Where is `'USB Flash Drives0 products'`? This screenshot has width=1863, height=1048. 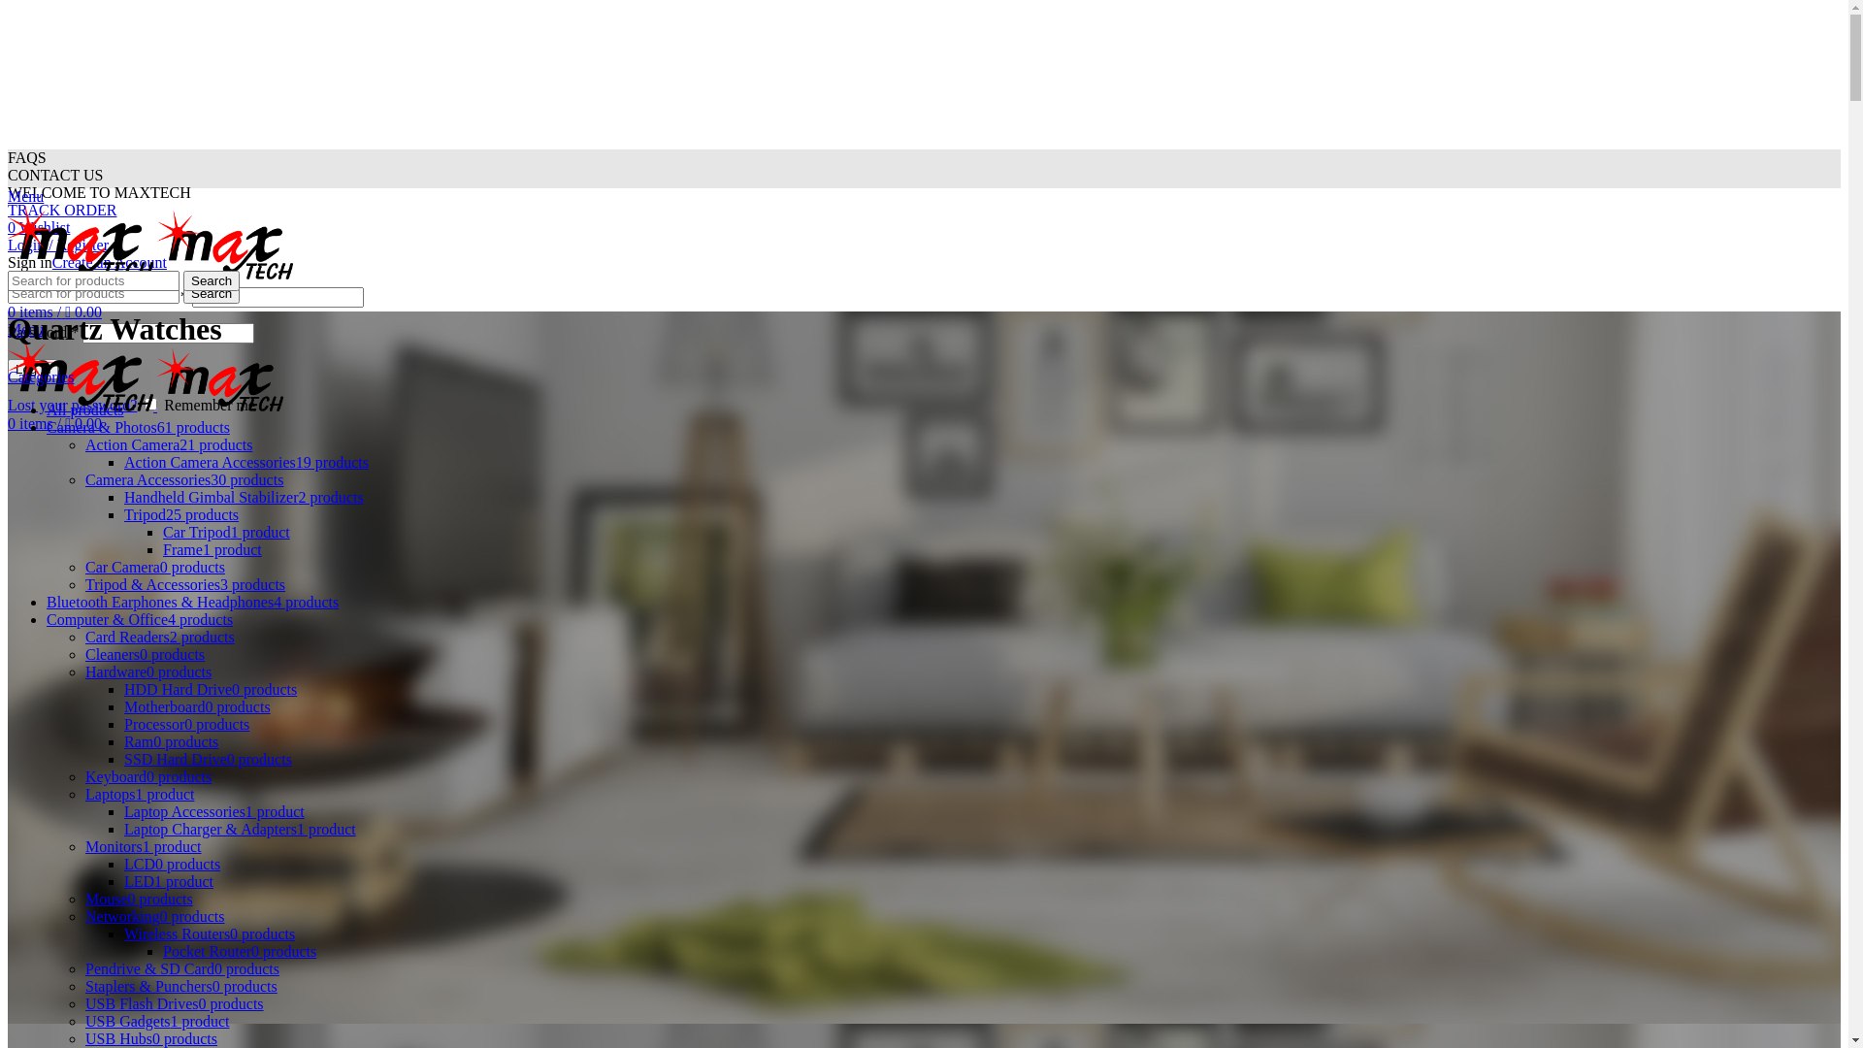
'USB Flash Drives0 products' is located at coordinates (175, 1003).